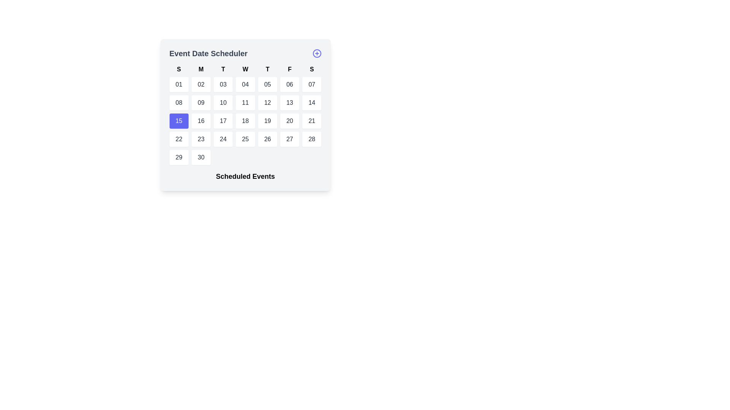 This screenshot has width=730, height=410. I want to click on the calendar date button labeled '03', so click(223, 85).